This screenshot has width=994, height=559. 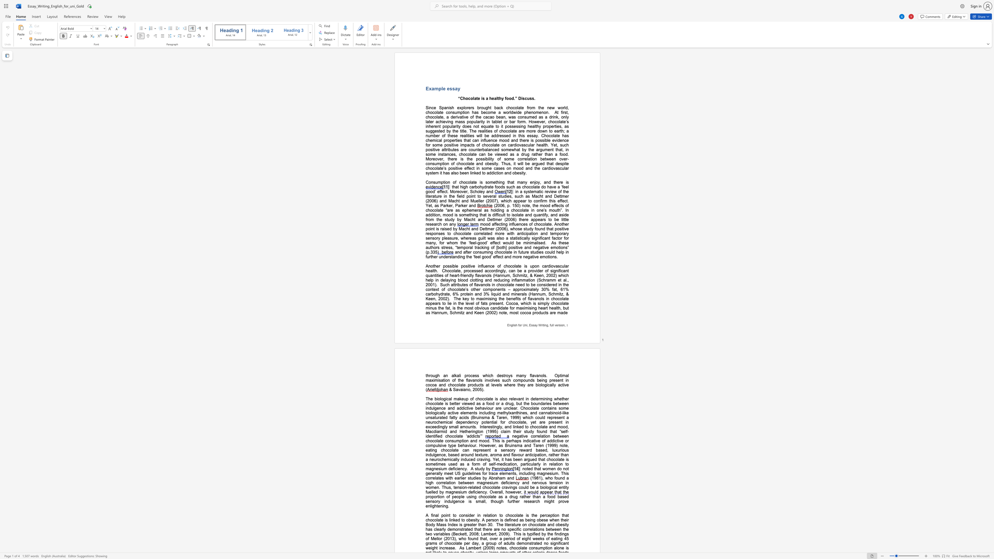 What do you see at coordinates (431, 88) in the screenshot?
I see `the subset text "ample e" within the text "Example essay"` at bounding box center [431, 88].